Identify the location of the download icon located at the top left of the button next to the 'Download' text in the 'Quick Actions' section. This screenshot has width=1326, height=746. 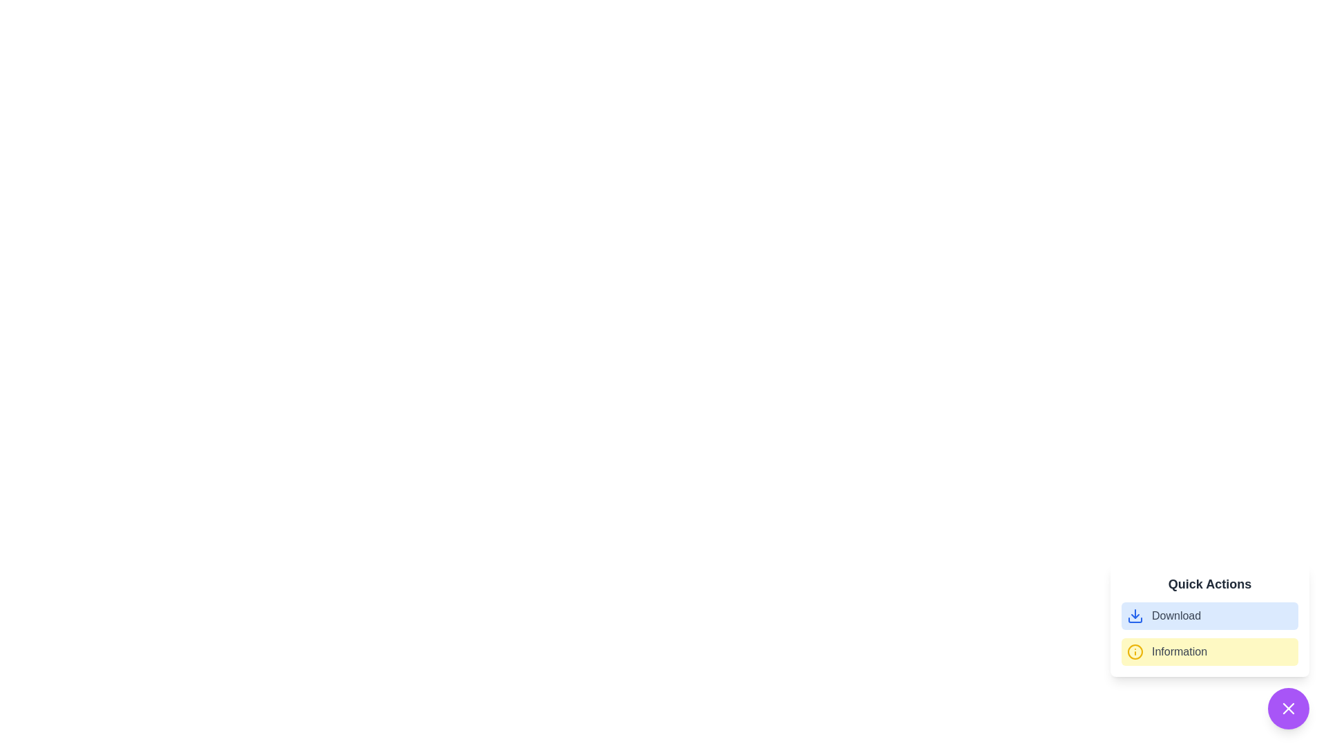
(1135, 615).